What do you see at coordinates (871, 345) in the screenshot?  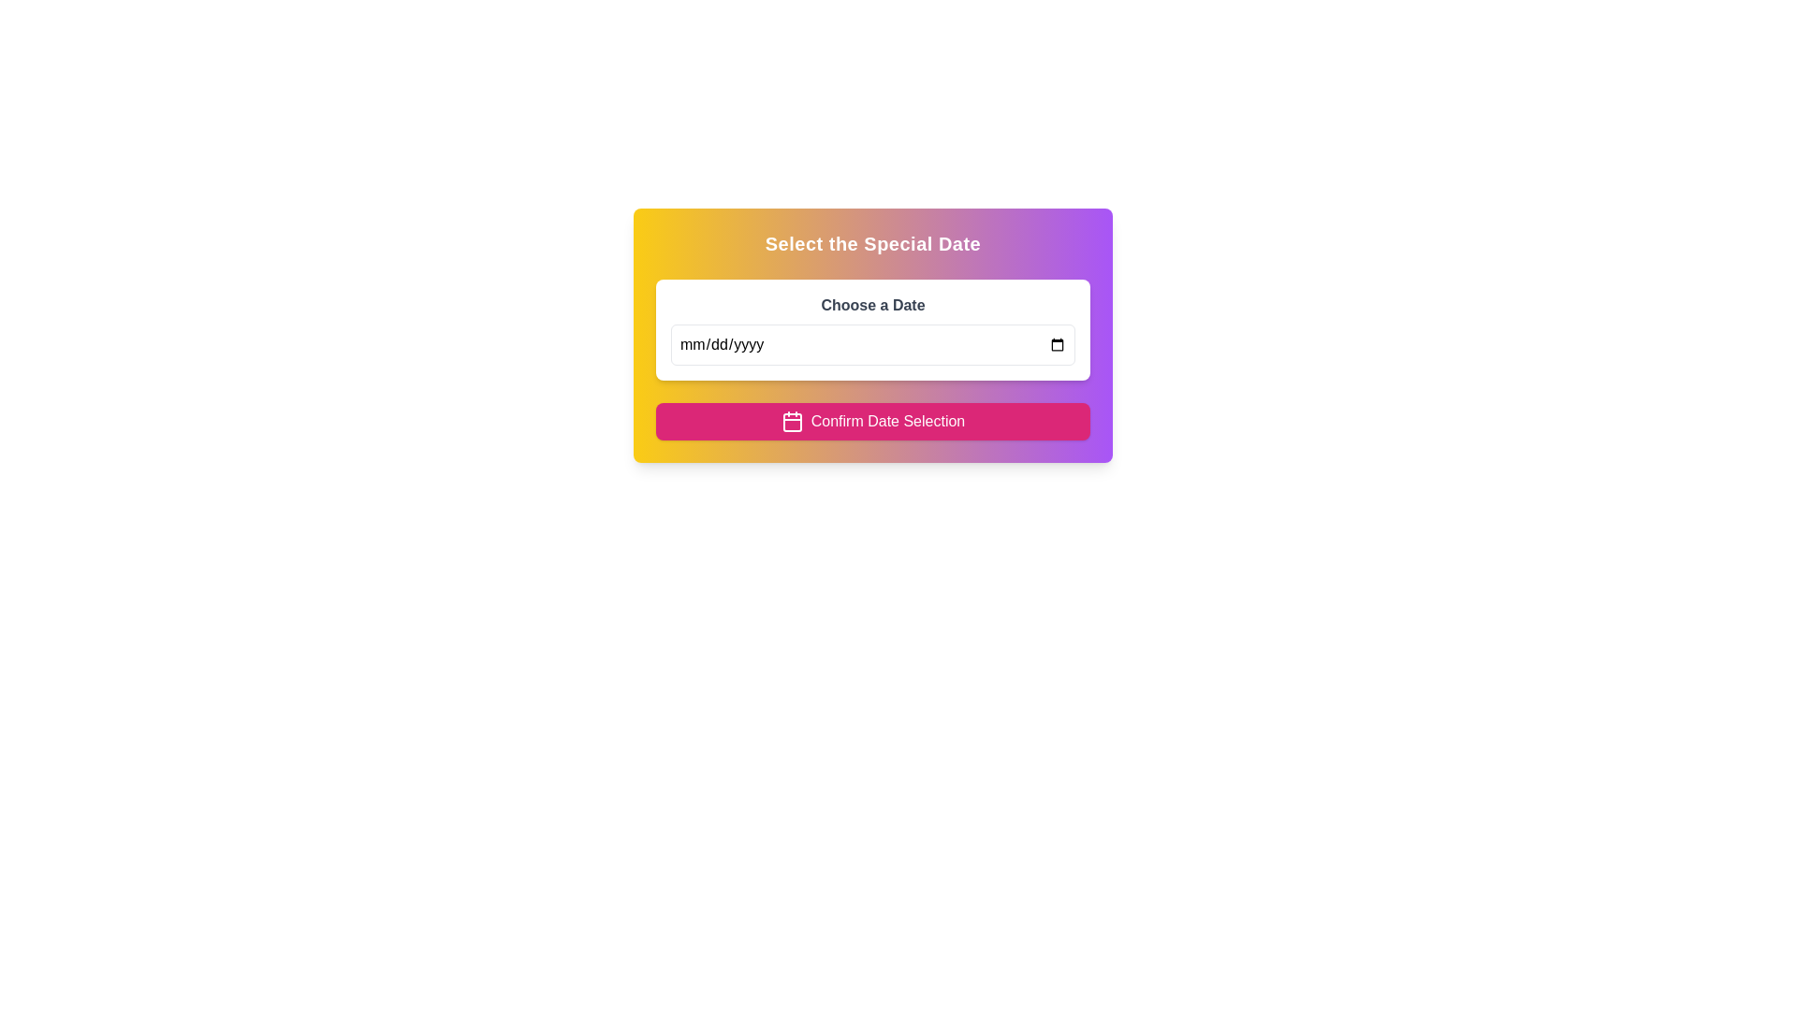 I see `the Date Input Field located in the 'Choose a Date' card` at bounding box center [871, 345].